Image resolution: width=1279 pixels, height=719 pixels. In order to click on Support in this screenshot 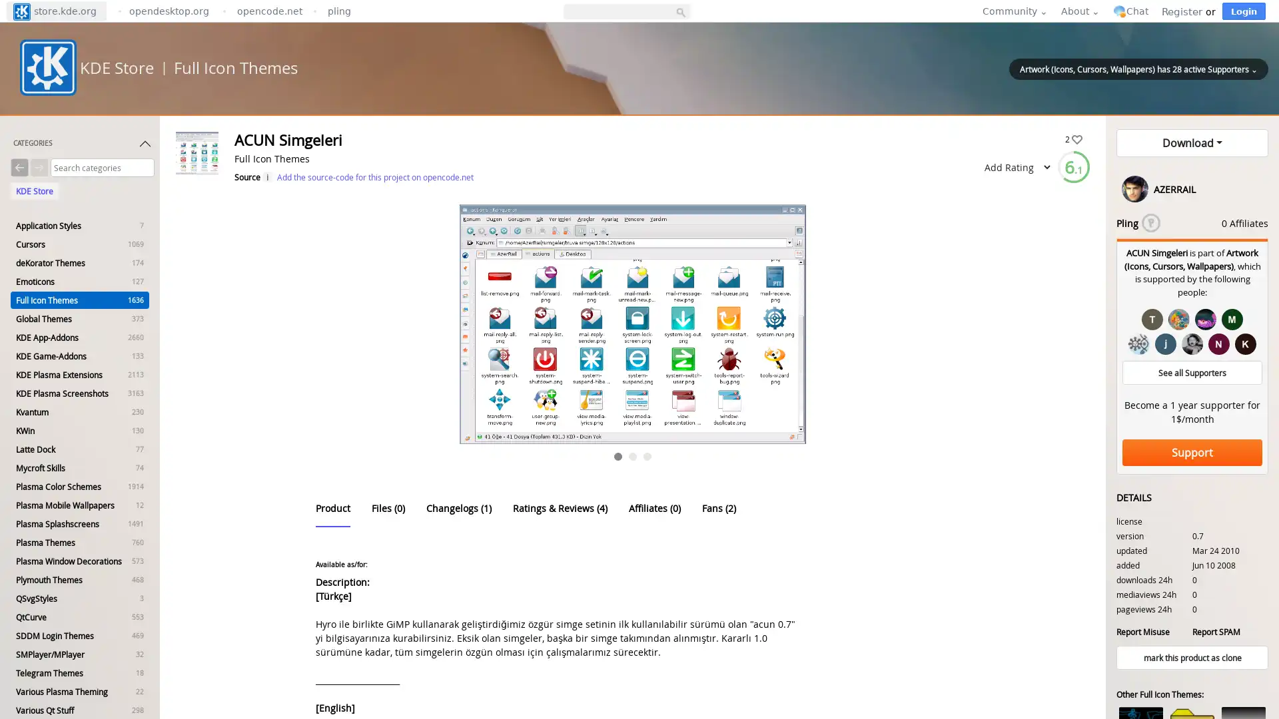, I will do `click(1192, 451)`.